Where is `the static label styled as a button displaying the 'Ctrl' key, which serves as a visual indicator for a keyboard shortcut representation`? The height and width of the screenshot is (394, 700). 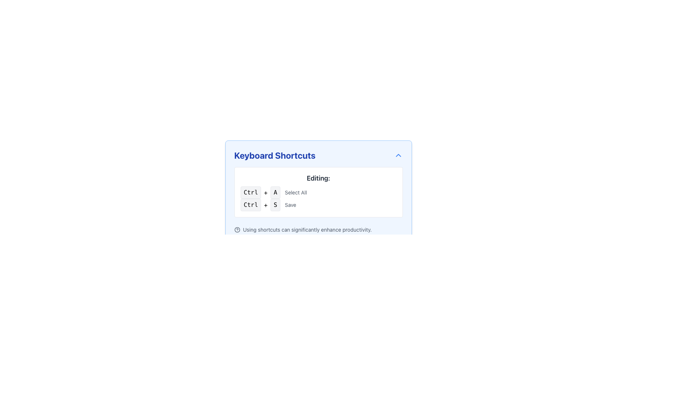
the static label styled as a button displaying the 'Ctrl' key, which serves as a visual indicator for a keyboard shortcut representation is located at coordinates (250, 205).